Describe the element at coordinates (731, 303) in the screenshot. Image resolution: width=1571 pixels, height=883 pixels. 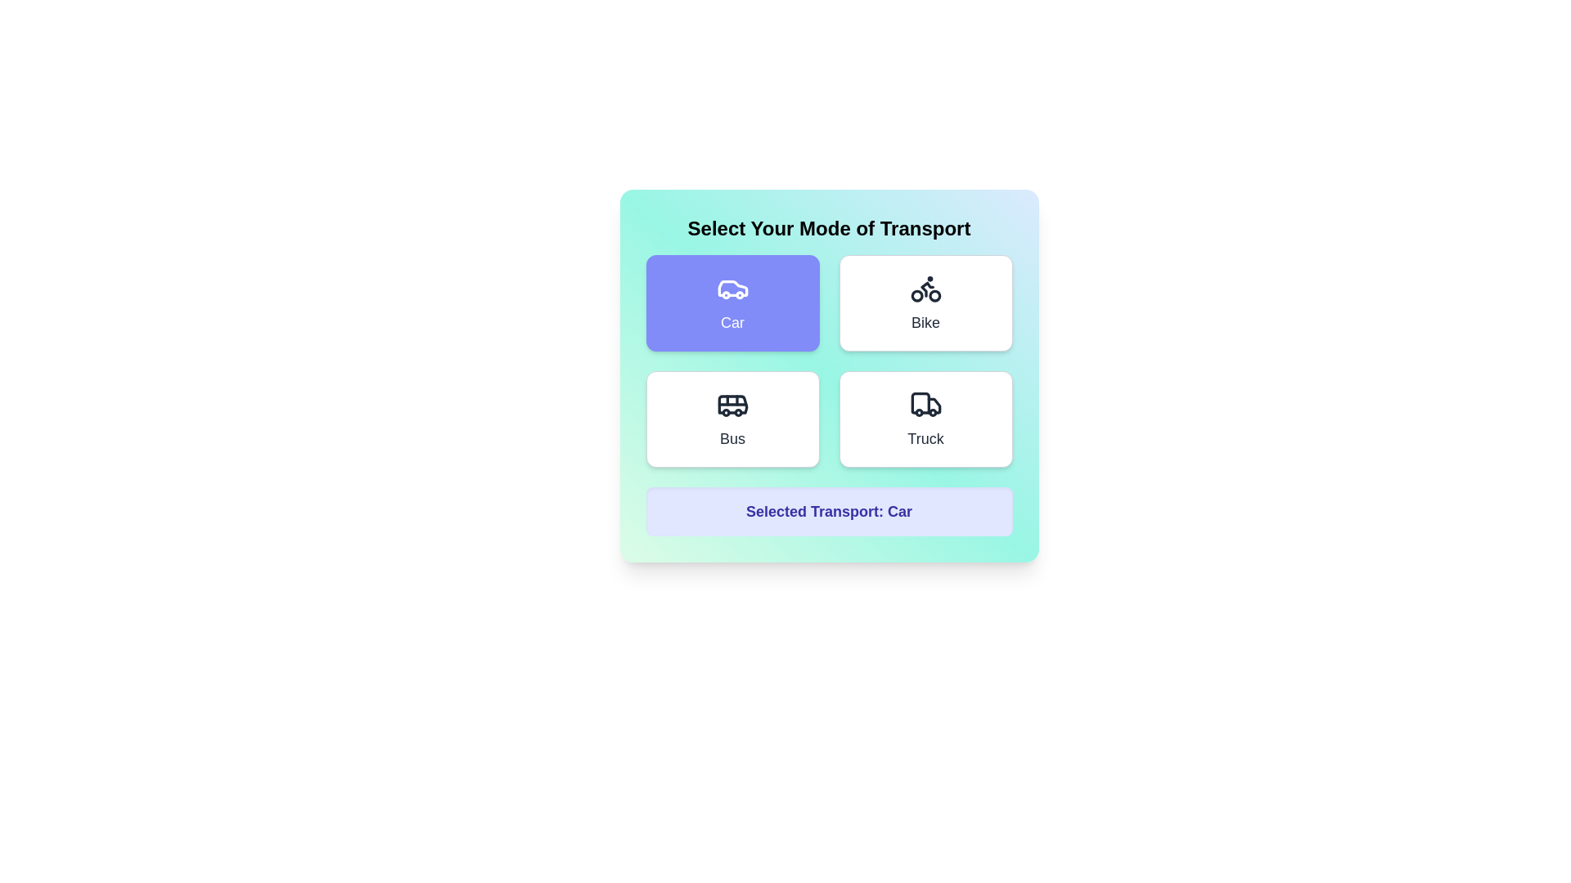
I see `the transport mode Car` at that location.